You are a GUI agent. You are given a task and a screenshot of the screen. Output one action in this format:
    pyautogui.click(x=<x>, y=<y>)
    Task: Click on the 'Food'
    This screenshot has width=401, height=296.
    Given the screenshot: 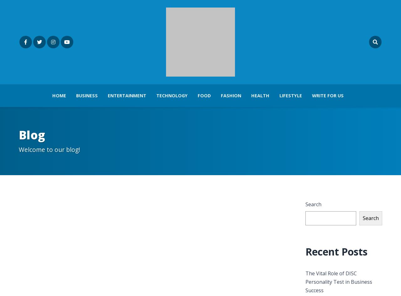 What is the action you would take?
    pyautogui.click(x=197, y=95)
    